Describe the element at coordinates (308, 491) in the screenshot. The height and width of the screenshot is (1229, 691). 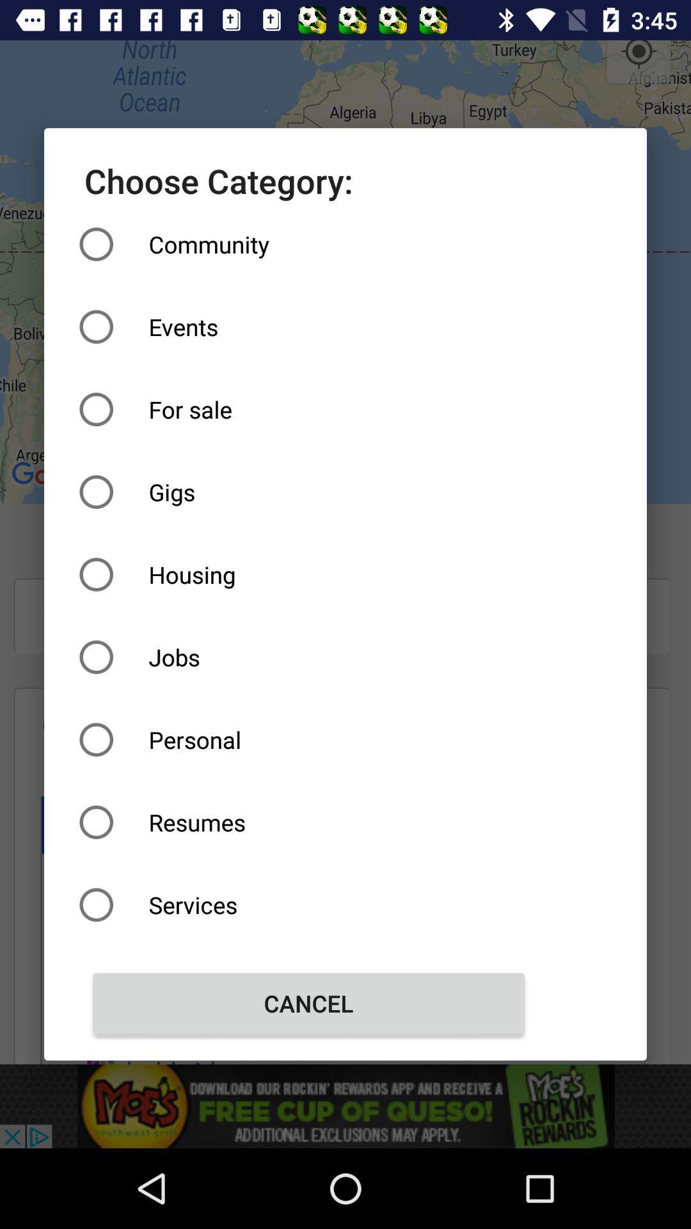
I see `the icon below the for sale` at that location.